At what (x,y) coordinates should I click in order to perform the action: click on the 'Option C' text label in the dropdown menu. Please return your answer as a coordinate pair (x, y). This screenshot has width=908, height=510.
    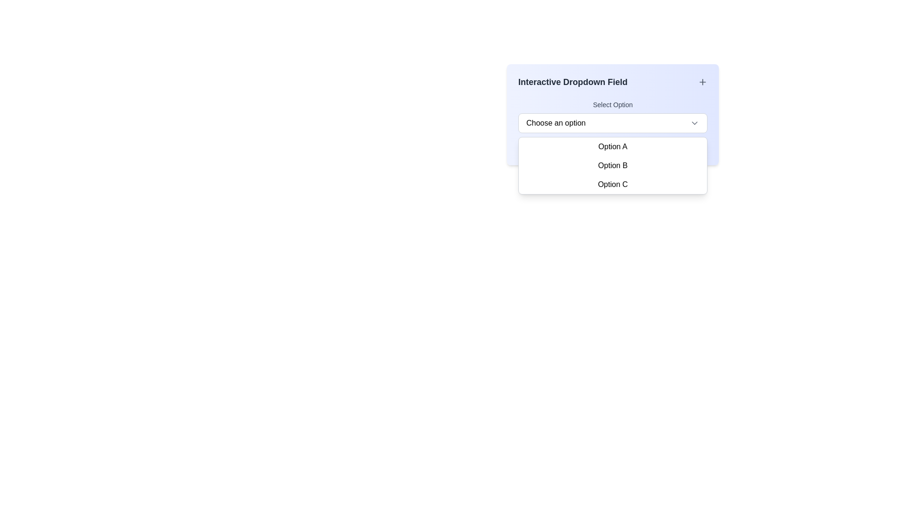
    Looking at the image, I should click on (613, 184).